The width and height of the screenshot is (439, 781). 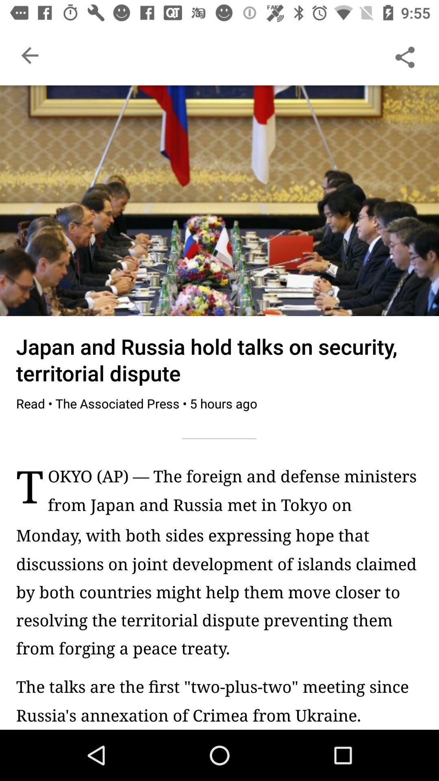 I want to click on the icon at the top left corner, so click(x=29, y=55).